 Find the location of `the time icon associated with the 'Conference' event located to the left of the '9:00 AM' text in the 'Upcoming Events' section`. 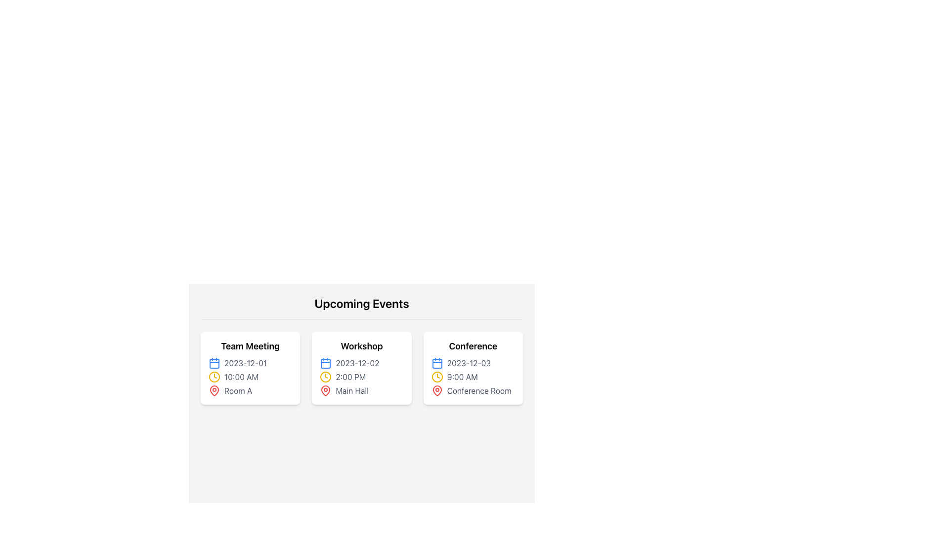

the time icon associated with the 'Conference' event located to the left of the '9:00 AM' text in the 'Upcoming Events' section is located at coordinates (436, 377).